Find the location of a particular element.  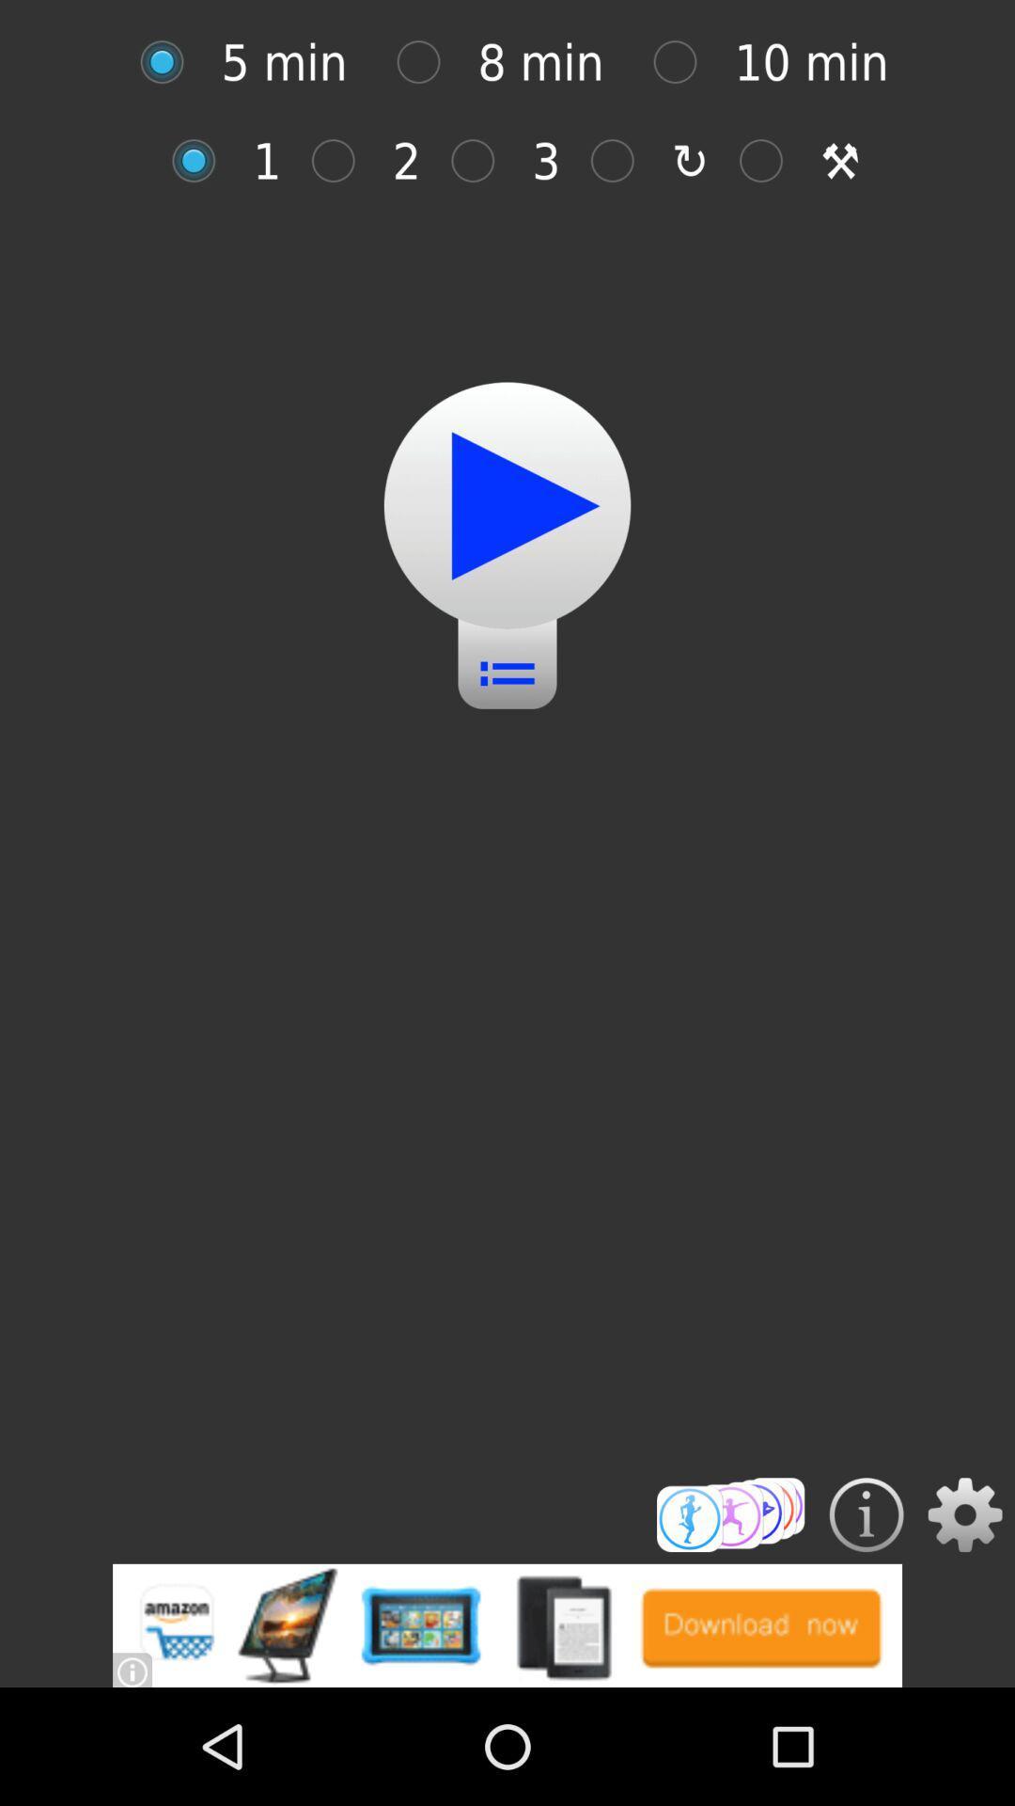

selection is located at coordinates (507, 505).